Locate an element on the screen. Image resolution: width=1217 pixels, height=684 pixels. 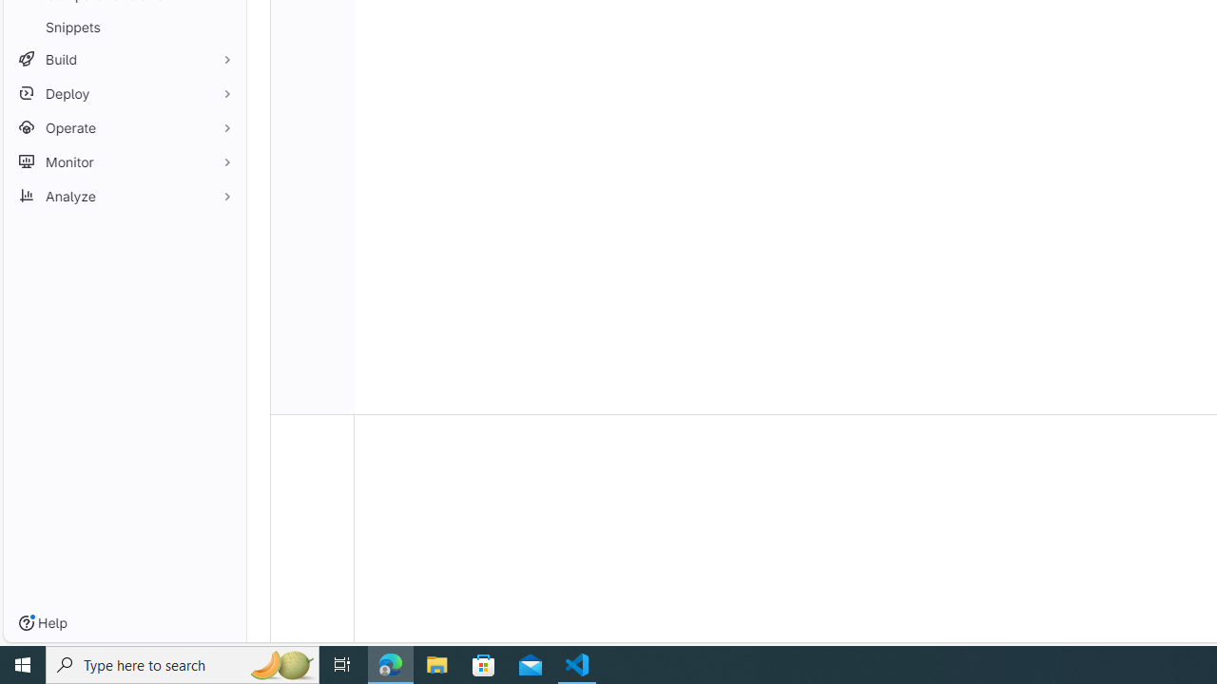
'Monitor' is located at coordinates (124, 161).